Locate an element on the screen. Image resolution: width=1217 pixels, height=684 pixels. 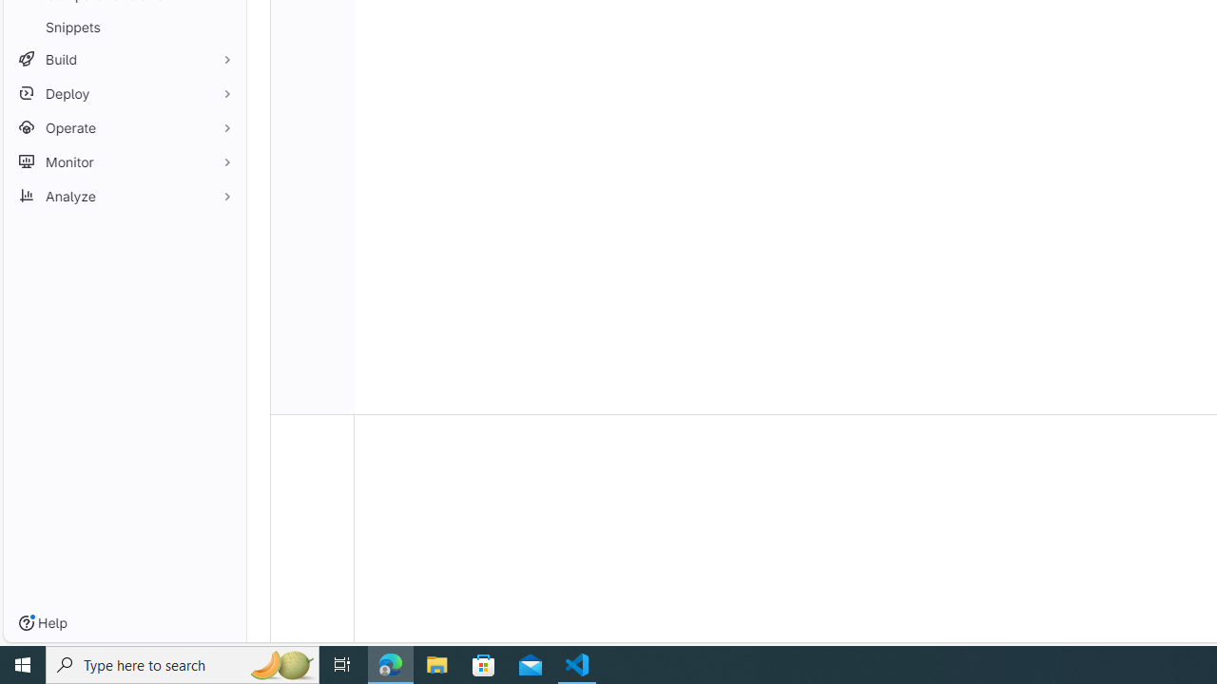
'Monitor' is located at coordinates (124, 161).